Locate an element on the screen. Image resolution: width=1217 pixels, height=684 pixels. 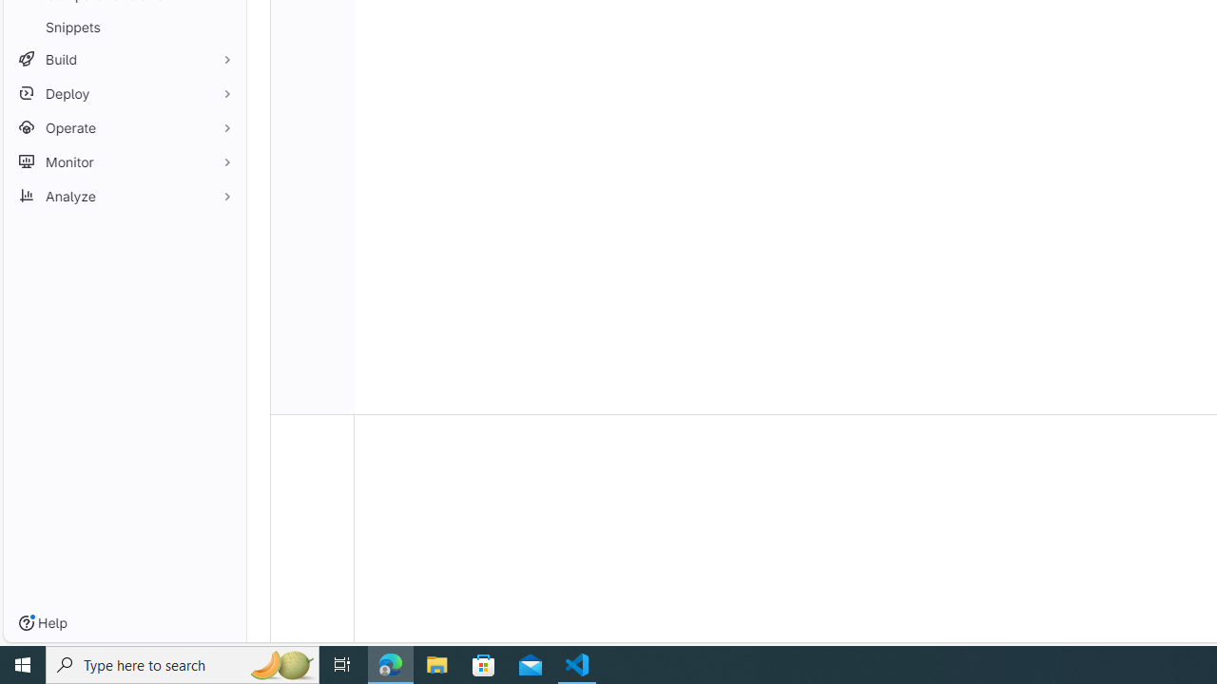
'Monitor' is located at coordinates (124, 161).